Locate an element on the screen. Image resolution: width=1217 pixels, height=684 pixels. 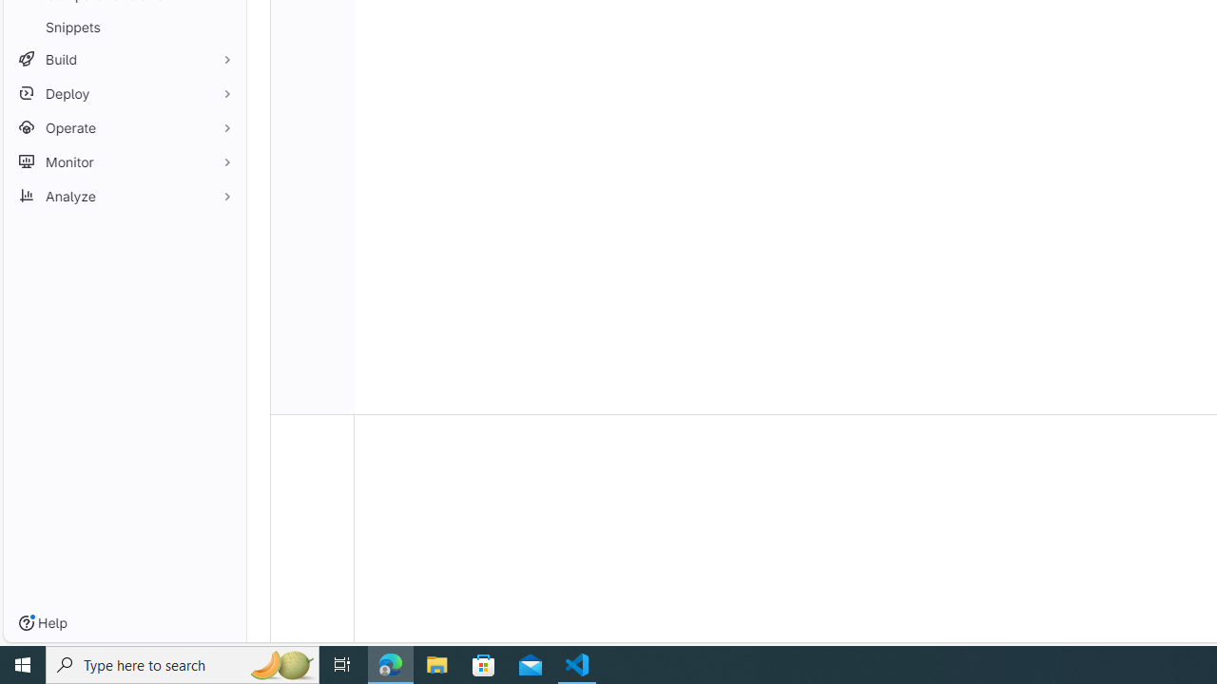
'Monitor' is located at coordinates (124, 161).